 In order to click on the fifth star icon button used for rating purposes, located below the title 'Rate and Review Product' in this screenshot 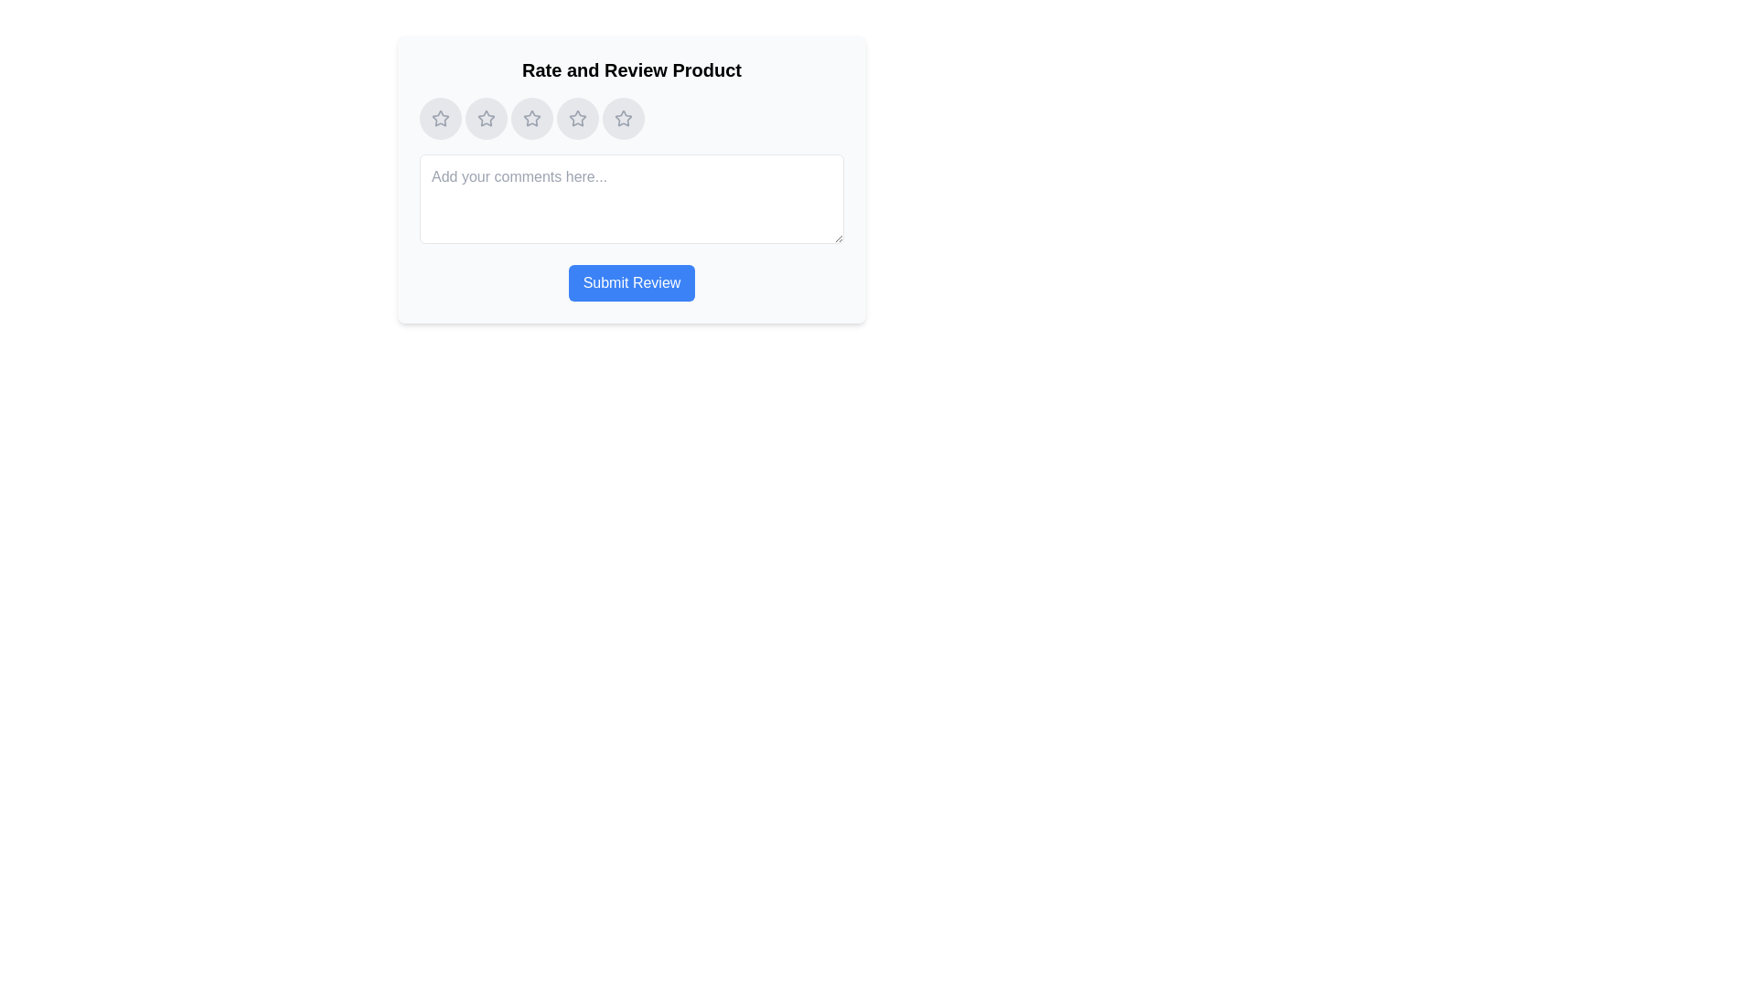, I will do `click(623, 119)`.